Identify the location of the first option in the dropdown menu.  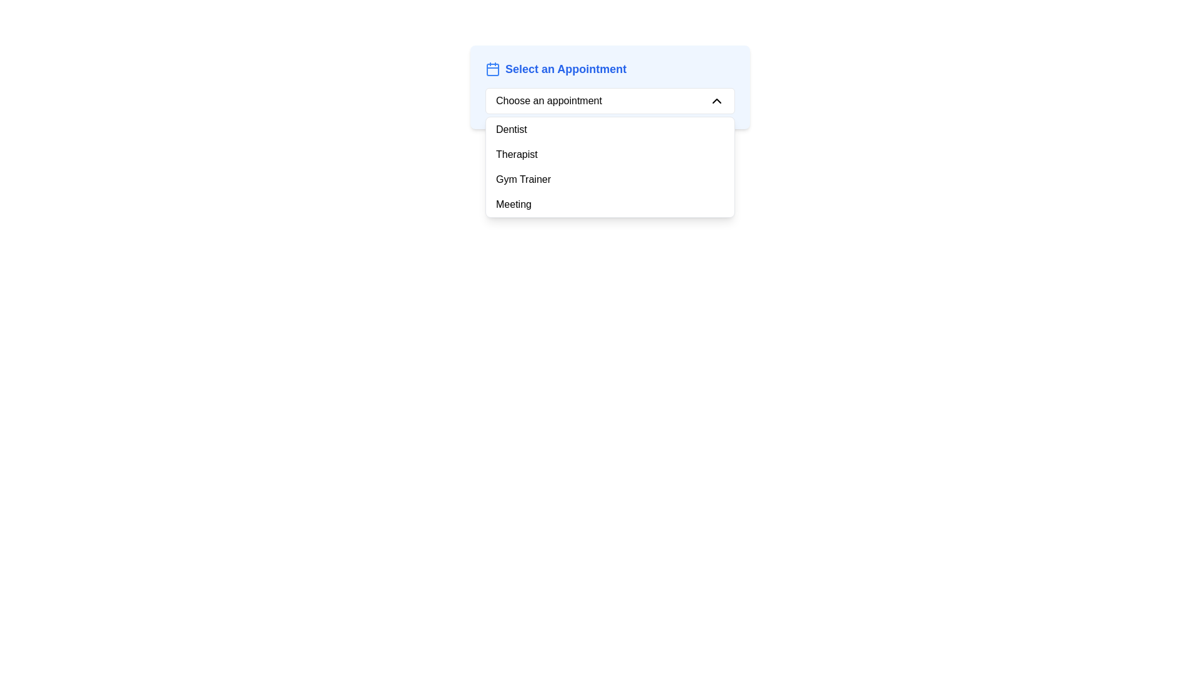
(610, 130).